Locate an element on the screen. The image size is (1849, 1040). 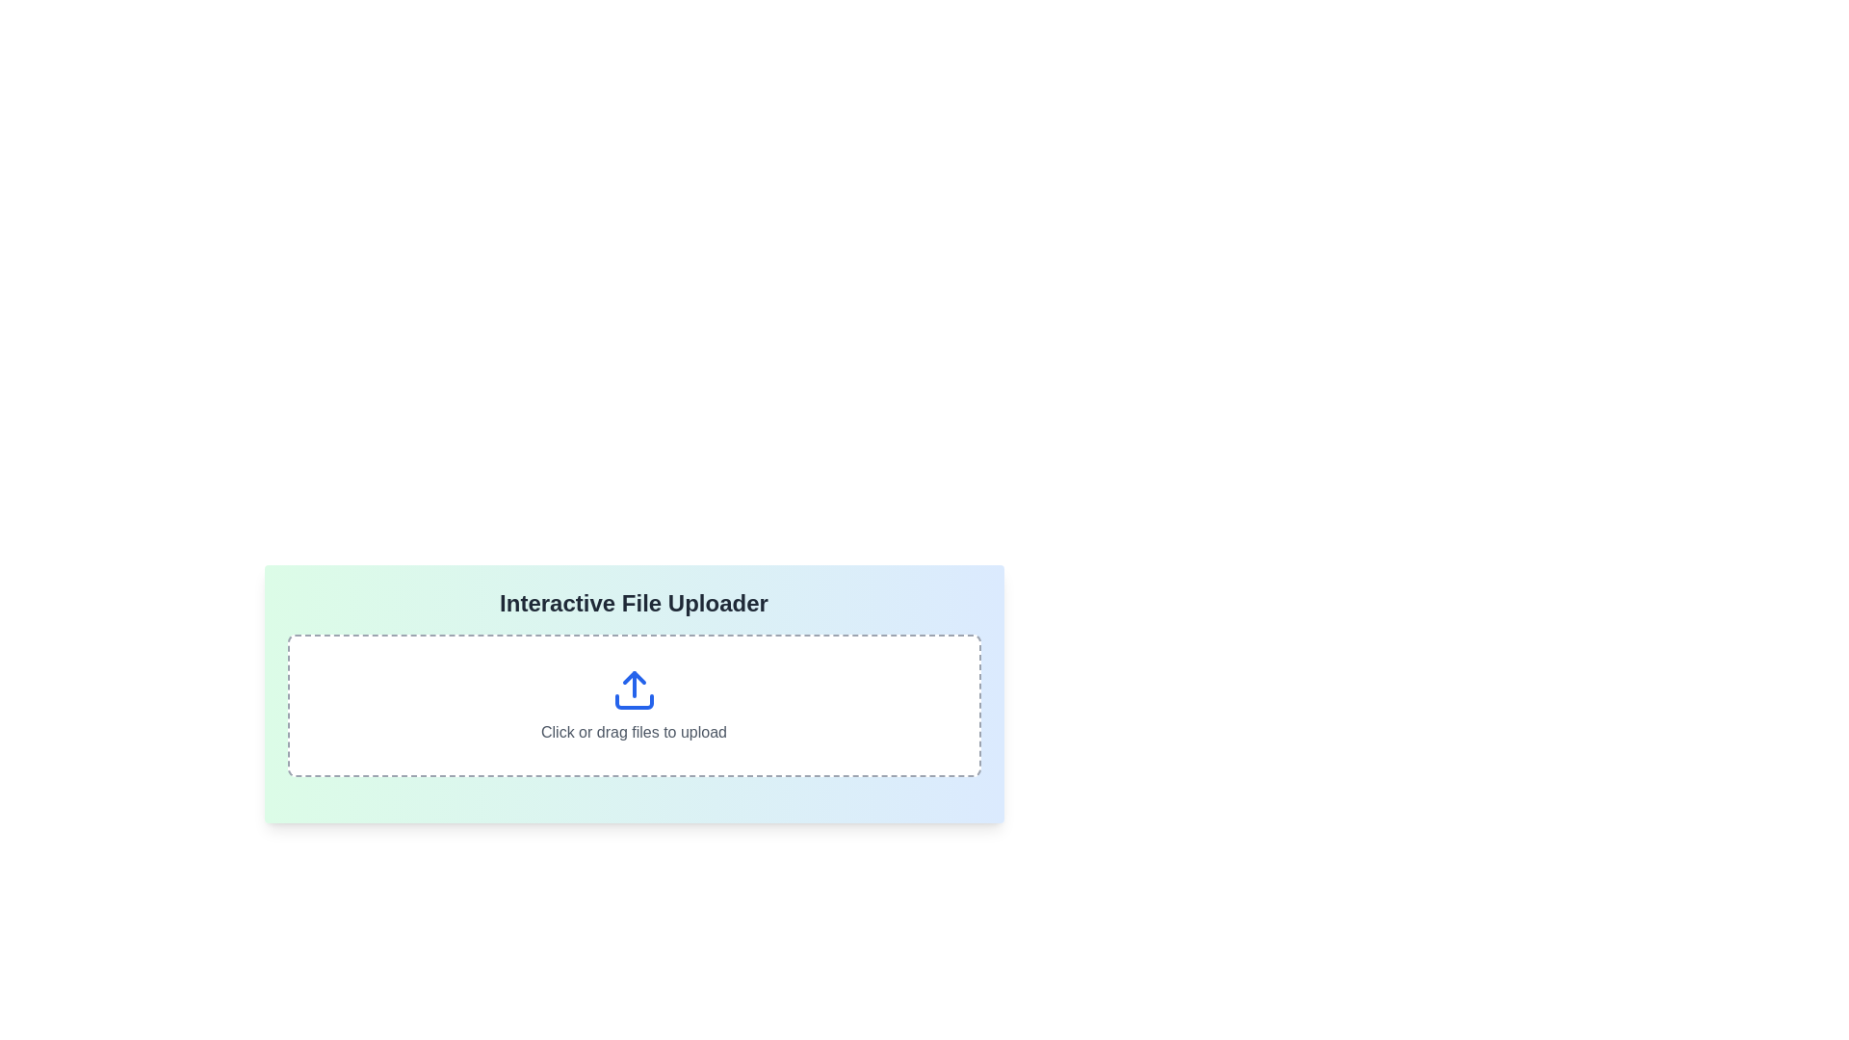
the static text that guides users on how to interact with the file upload section, positioned below a blue upward arrow icon within a bordered and rounded rectangular area is located at coordinates (634, 732).